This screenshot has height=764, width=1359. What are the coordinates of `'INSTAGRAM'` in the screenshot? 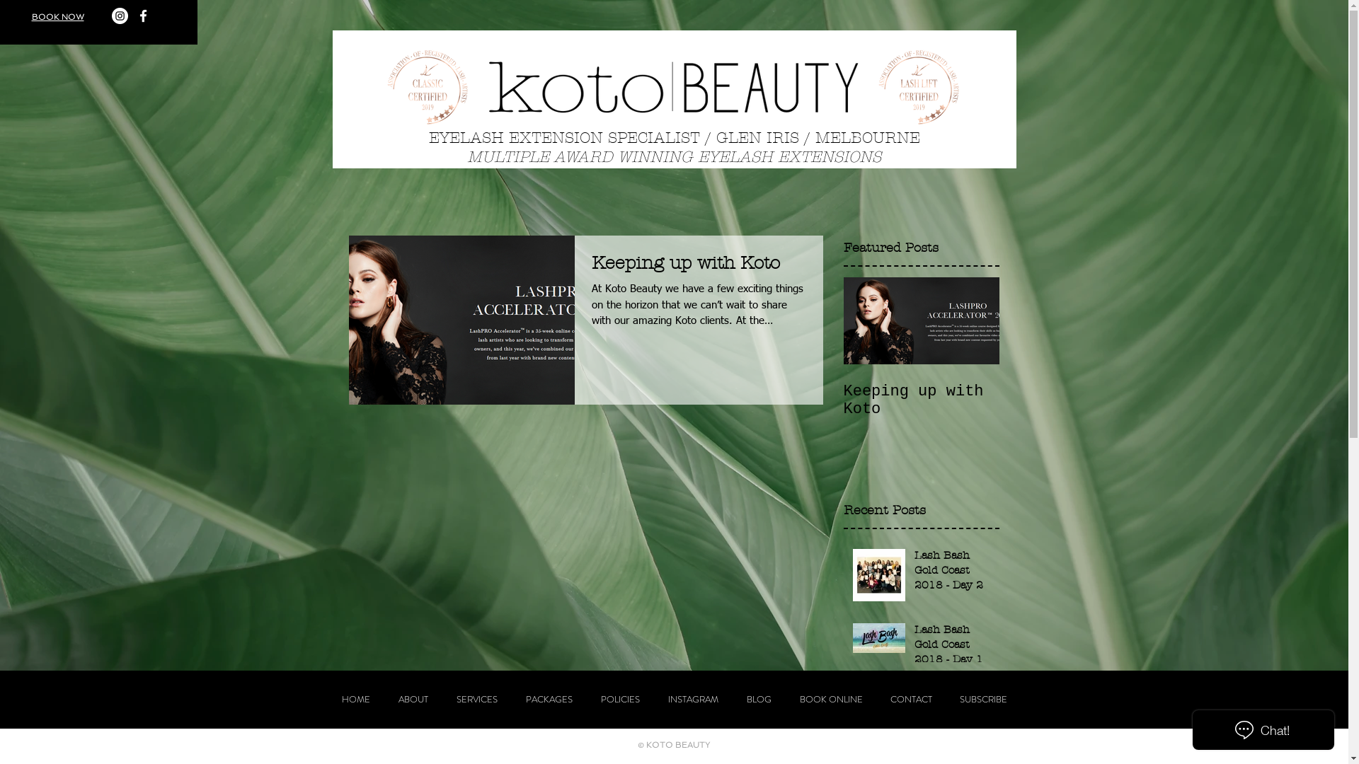 It's located at (693, 698).